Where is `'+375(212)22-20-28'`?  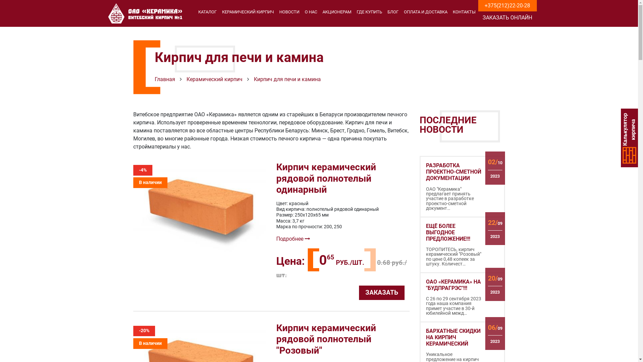 '+375(212)22-20-28' is located at coordinates (507, 5).